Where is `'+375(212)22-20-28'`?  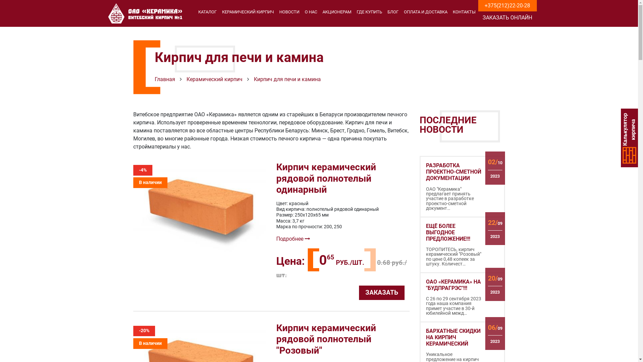 '+375(212)22-20-28' is located at coordinates (507, 5).